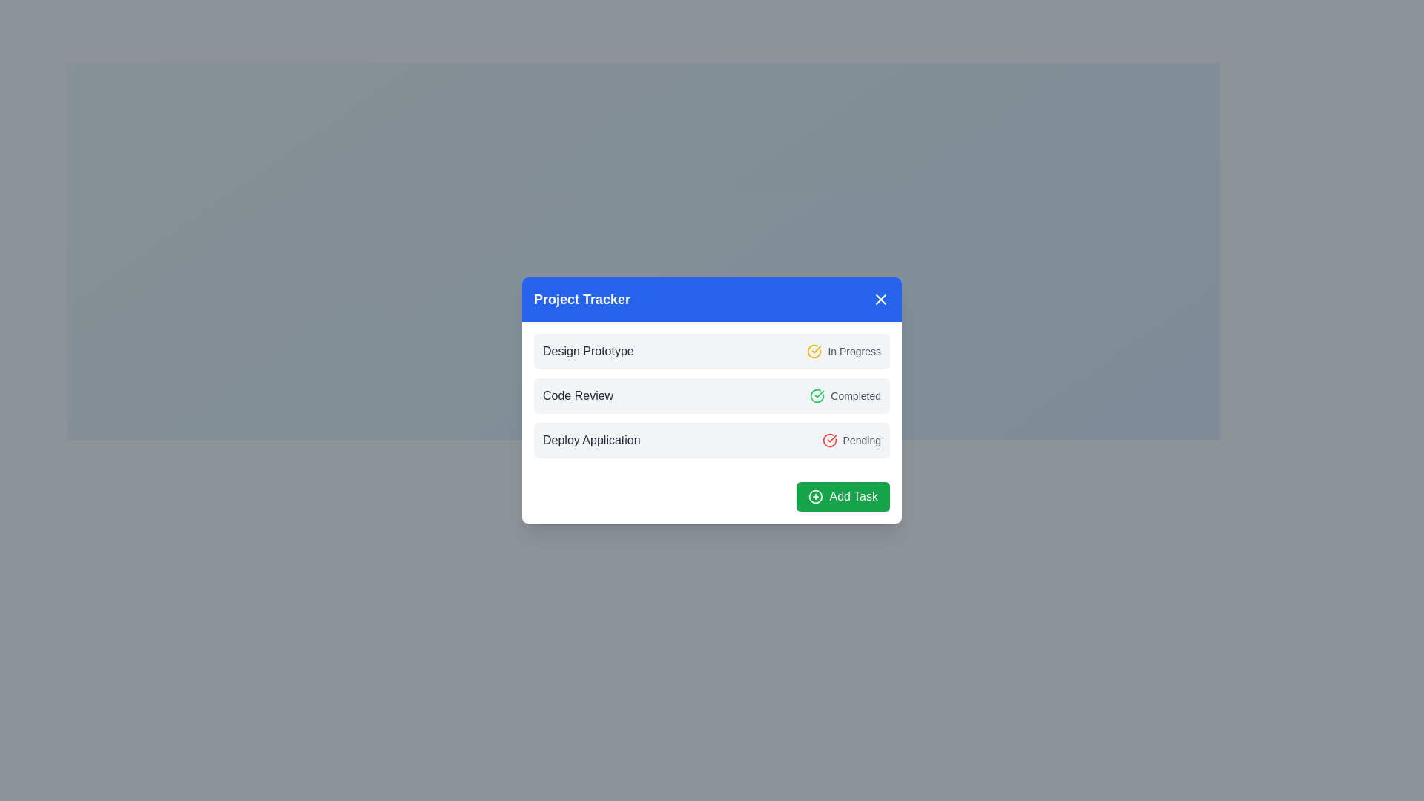 The image size is (1424, 801). Describe the element at coordinates (856, 395) in the screenshot. I see `the Text label indicating the completion status of the associated task or item, which is located to the right of a circular green icon with a checkmark in the 'Code Review' task list` at that location.